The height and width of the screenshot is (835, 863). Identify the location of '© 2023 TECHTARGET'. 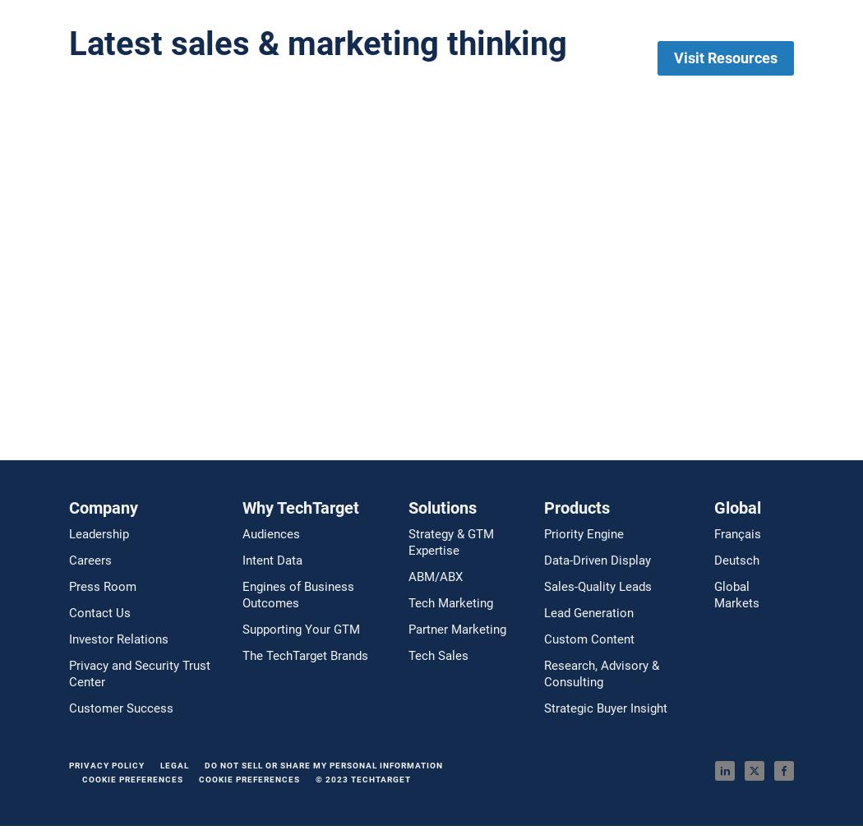
(362, 777).